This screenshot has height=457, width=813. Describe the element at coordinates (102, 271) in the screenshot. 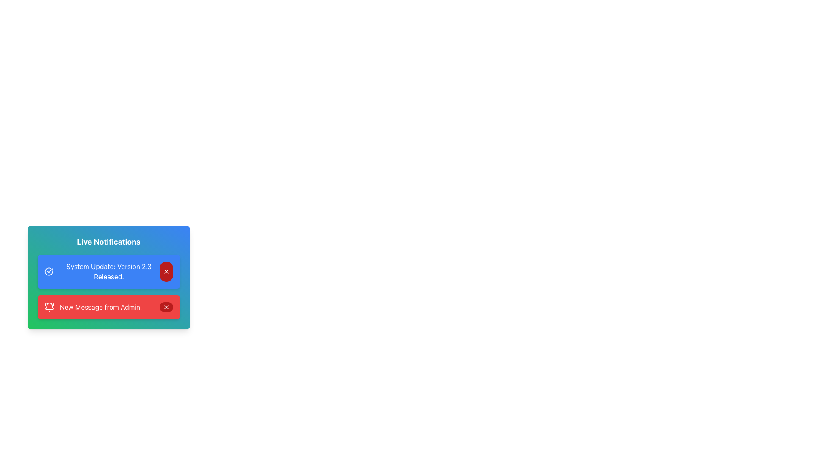

I see `notification text 'System Update: Version 2.3 Released.' from the notification with a blue background and a checkmark icon` at that location.